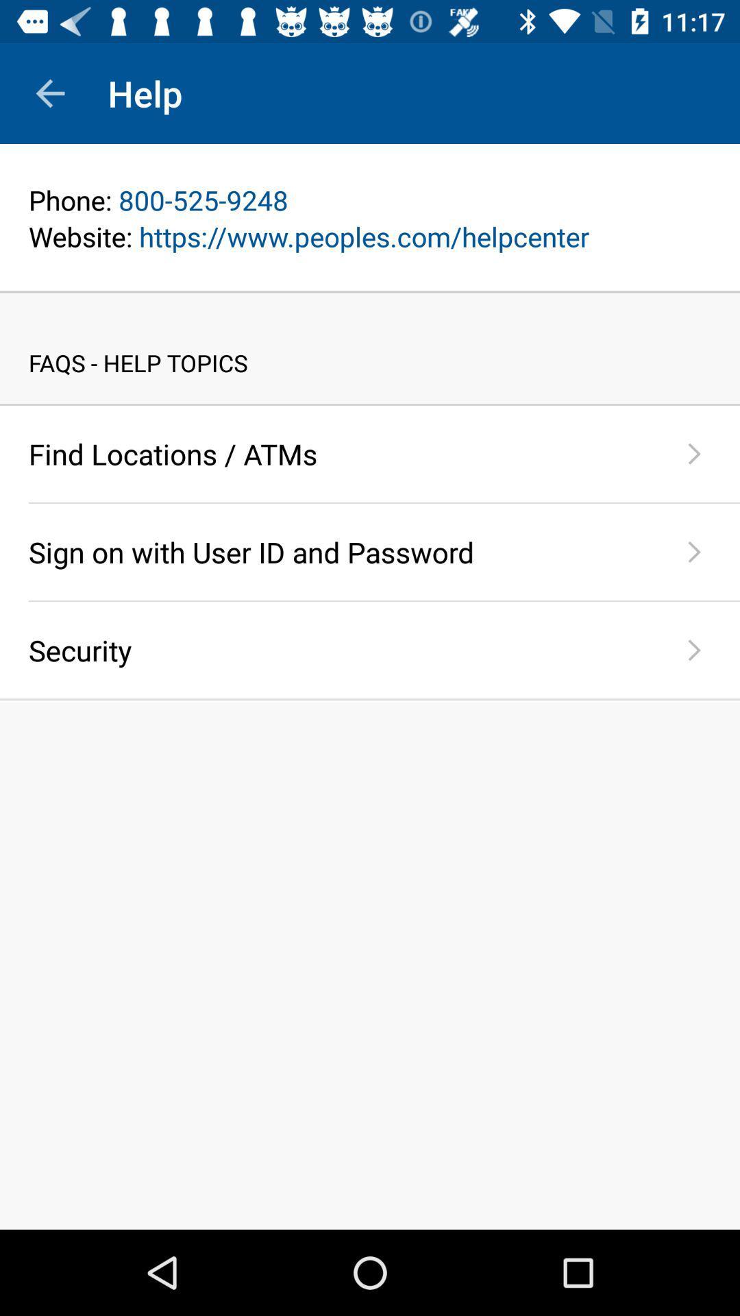  What do you see at coordinates (49, 93) in the screenshot?
I see `the icon to the left of help` at bounding box center [49, 93].